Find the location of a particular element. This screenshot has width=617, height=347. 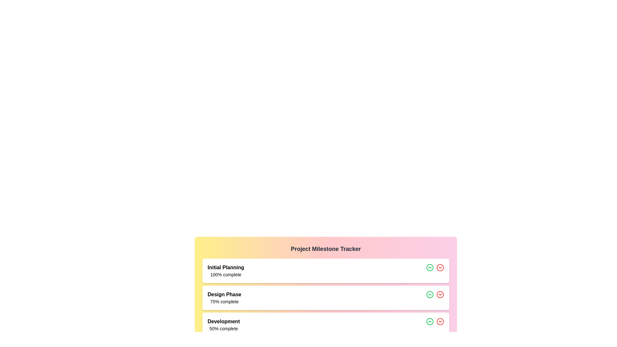

the text label displaying '50% complete', which is a progress descriptor located under the 'Development' heading in the milestone tracker interface is located at coordinates (224, 328).